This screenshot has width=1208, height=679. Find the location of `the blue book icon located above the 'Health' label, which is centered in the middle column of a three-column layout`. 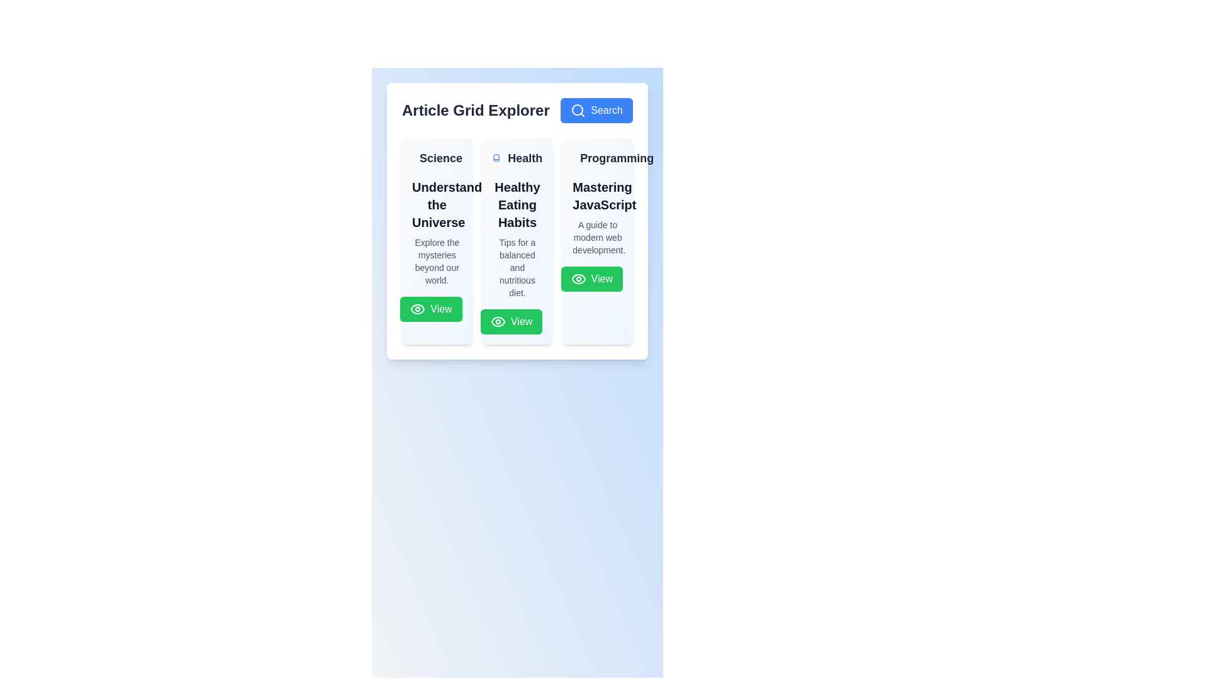

the blue book icon located above the 'Health' label, which is centered in the middle column of a three-column layout is located at coordinates (495, 157).